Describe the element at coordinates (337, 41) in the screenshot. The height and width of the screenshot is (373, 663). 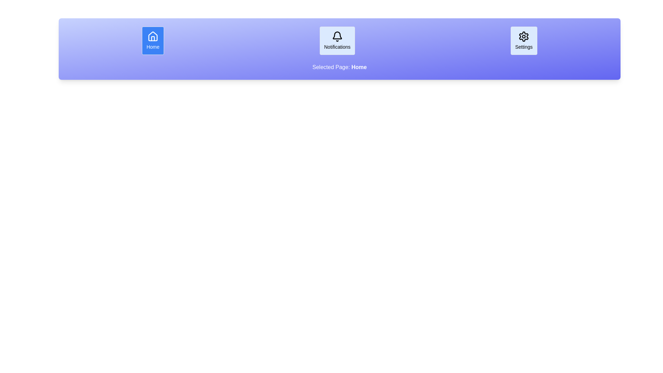
I see `the Notifications button to observe its hover effect` at that location.